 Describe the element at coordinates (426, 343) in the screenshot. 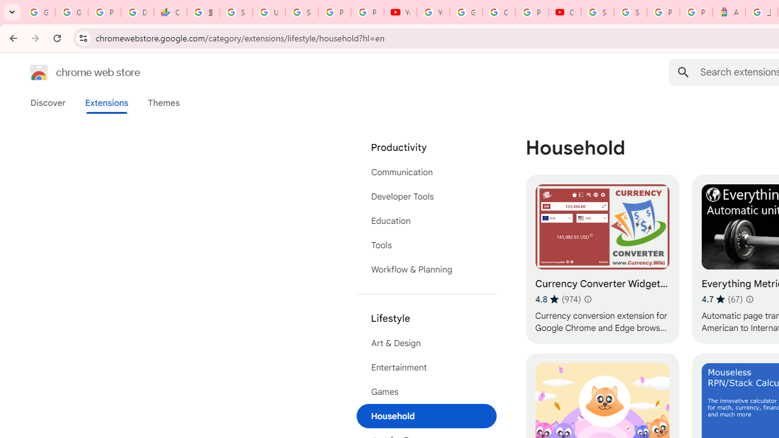

I see `'Art & Design'` at that location.